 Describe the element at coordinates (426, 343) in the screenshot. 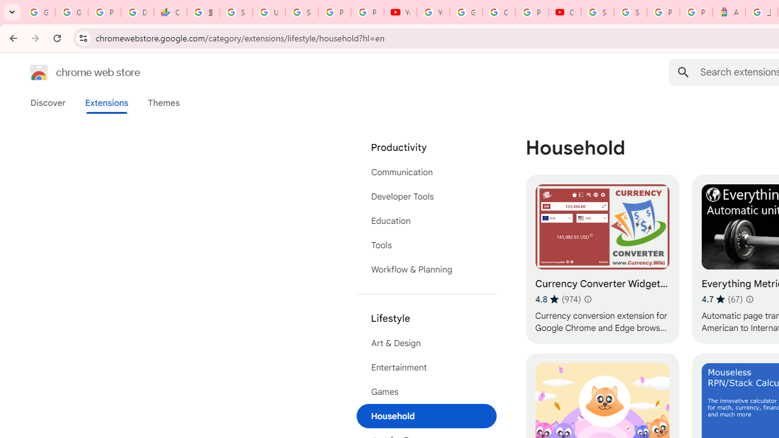

I see `'Art & Design'` at that location.